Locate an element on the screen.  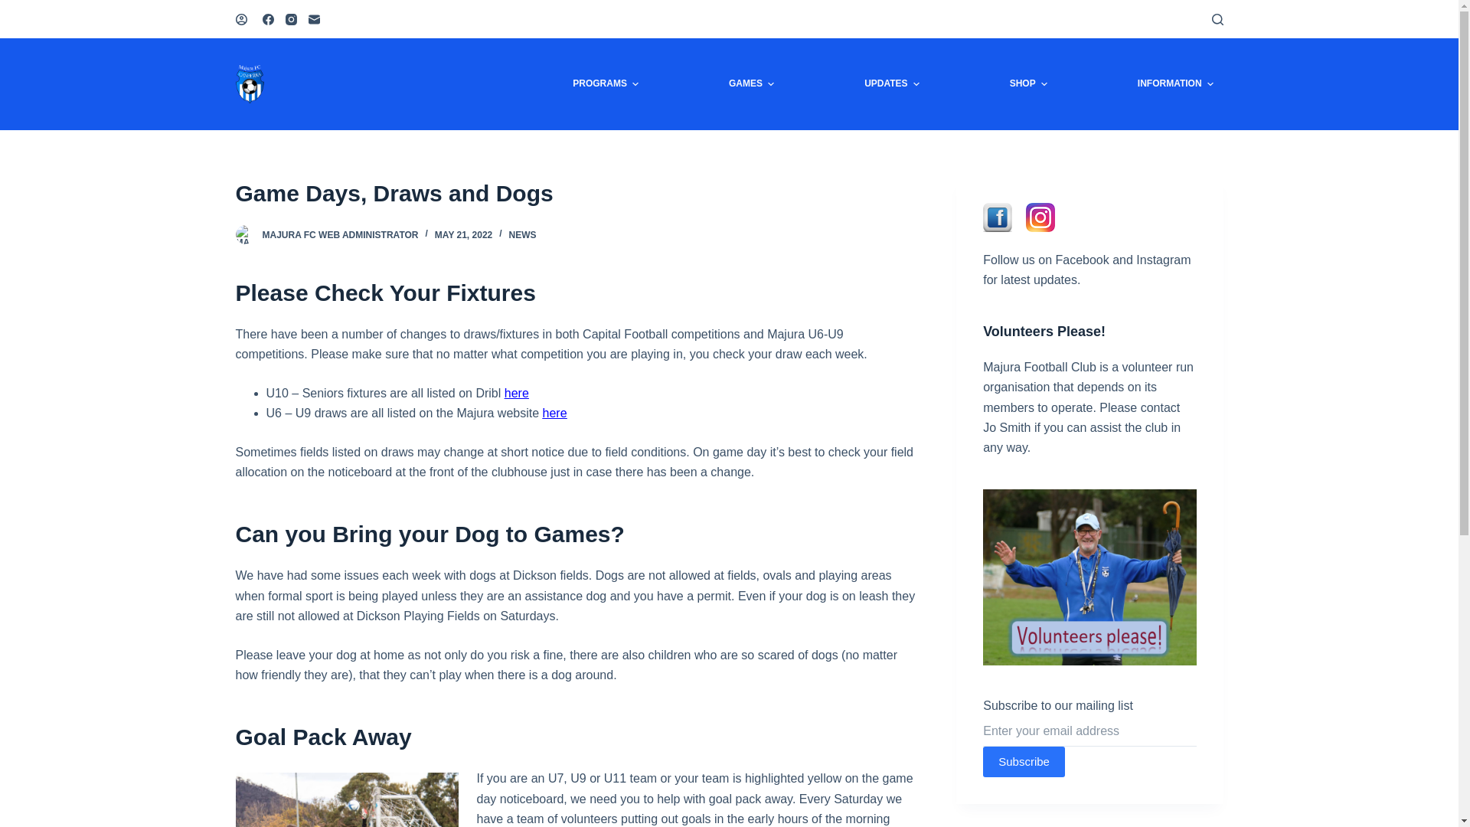
'Subscribe' is located at coordinates (1024, 762).